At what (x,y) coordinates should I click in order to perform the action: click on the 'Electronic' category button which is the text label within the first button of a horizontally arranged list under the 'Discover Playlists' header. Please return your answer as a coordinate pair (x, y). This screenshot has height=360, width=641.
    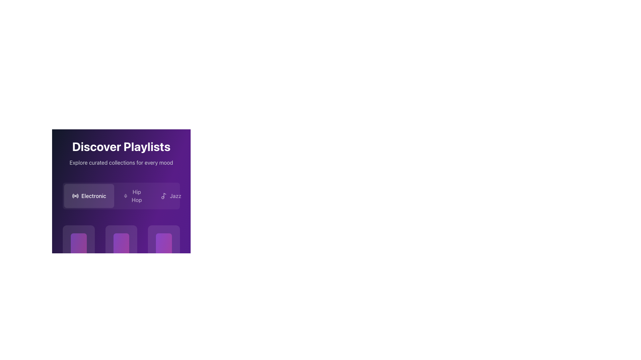
    Looking at the image, I should click on (93, 195).